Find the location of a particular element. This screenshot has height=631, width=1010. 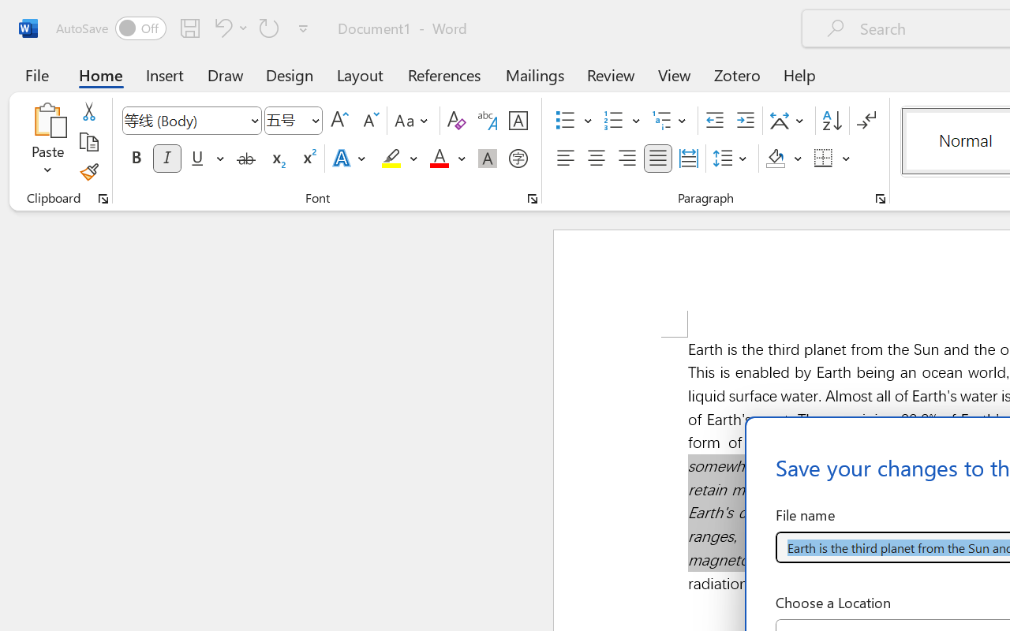

'Shading' is located at coordinates (784, 159).